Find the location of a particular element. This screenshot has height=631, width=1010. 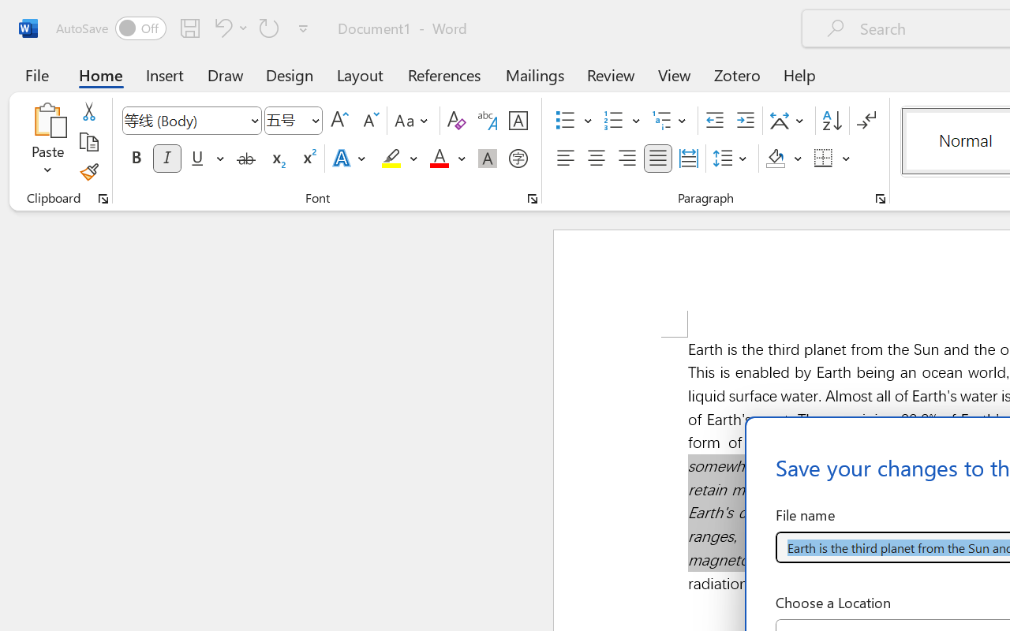

'Shading' is located at coordinates (784, 159).